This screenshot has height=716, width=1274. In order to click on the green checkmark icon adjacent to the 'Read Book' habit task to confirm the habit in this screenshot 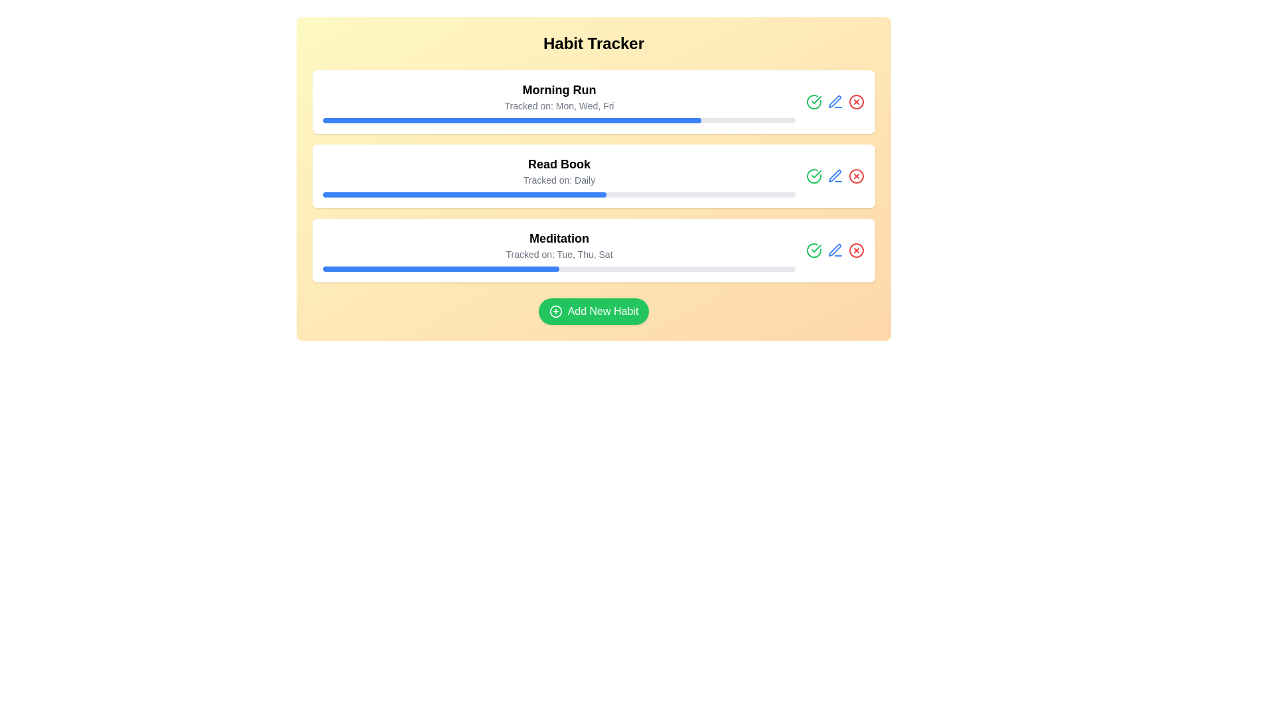, I will do `click(815, 99)`.